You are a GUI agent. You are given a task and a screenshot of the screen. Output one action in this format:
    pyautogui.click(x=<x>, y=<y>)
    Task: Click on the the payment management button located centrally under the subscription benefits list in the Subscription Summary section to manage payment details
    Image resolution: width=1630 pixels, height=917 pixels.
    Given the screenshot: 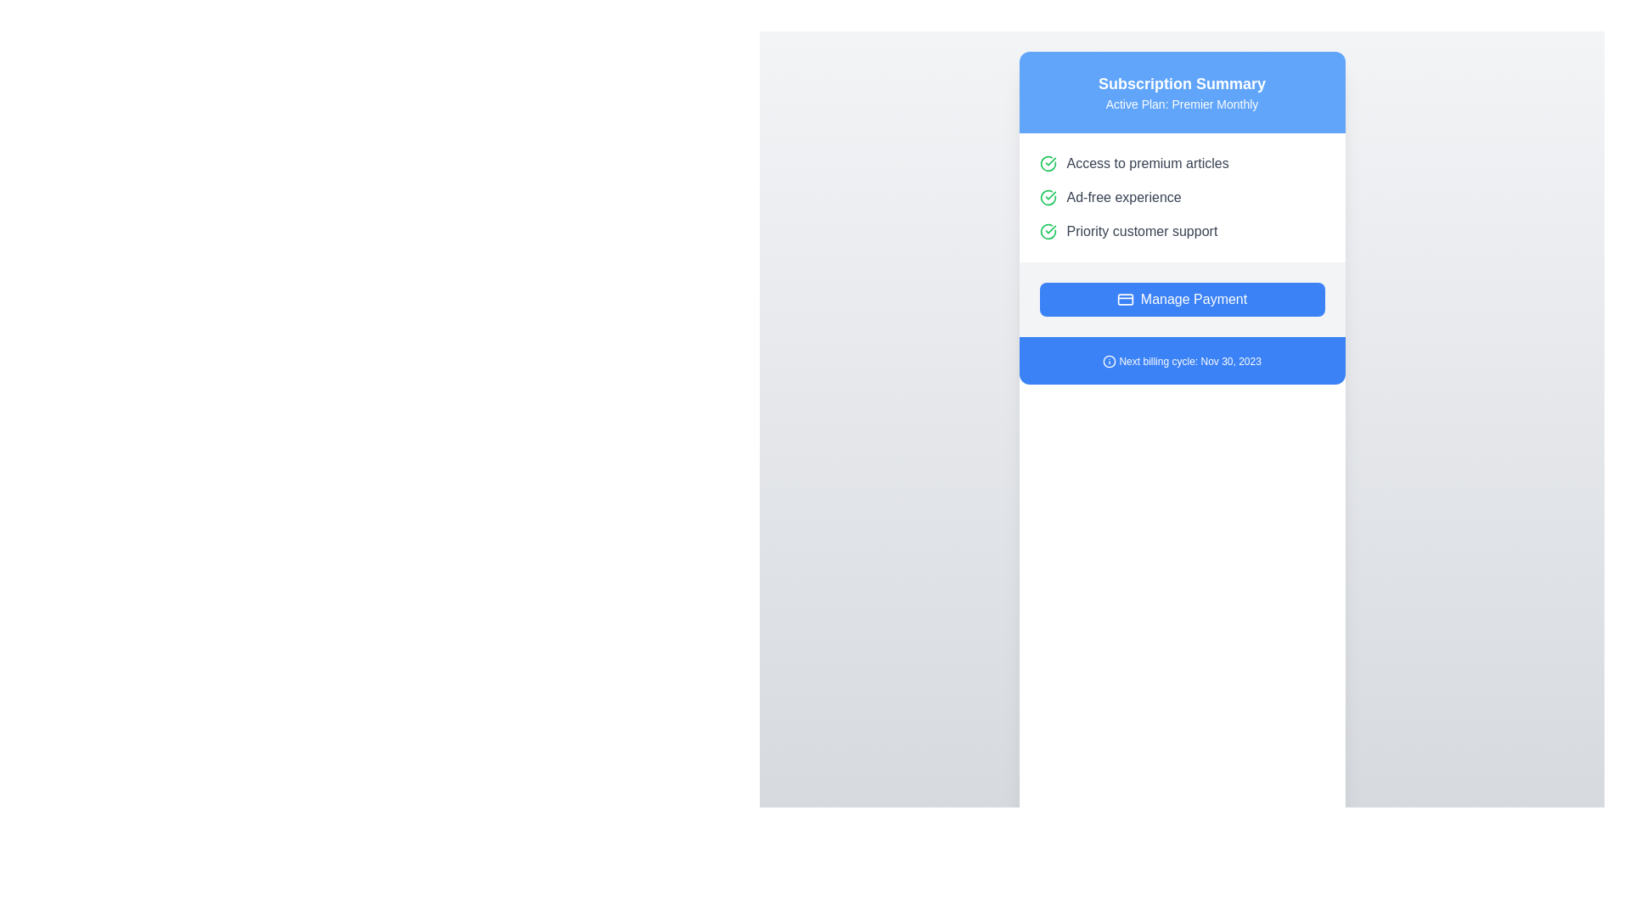 What is the action you would take?
    pyautogui.click(x=1181, y=299)
    